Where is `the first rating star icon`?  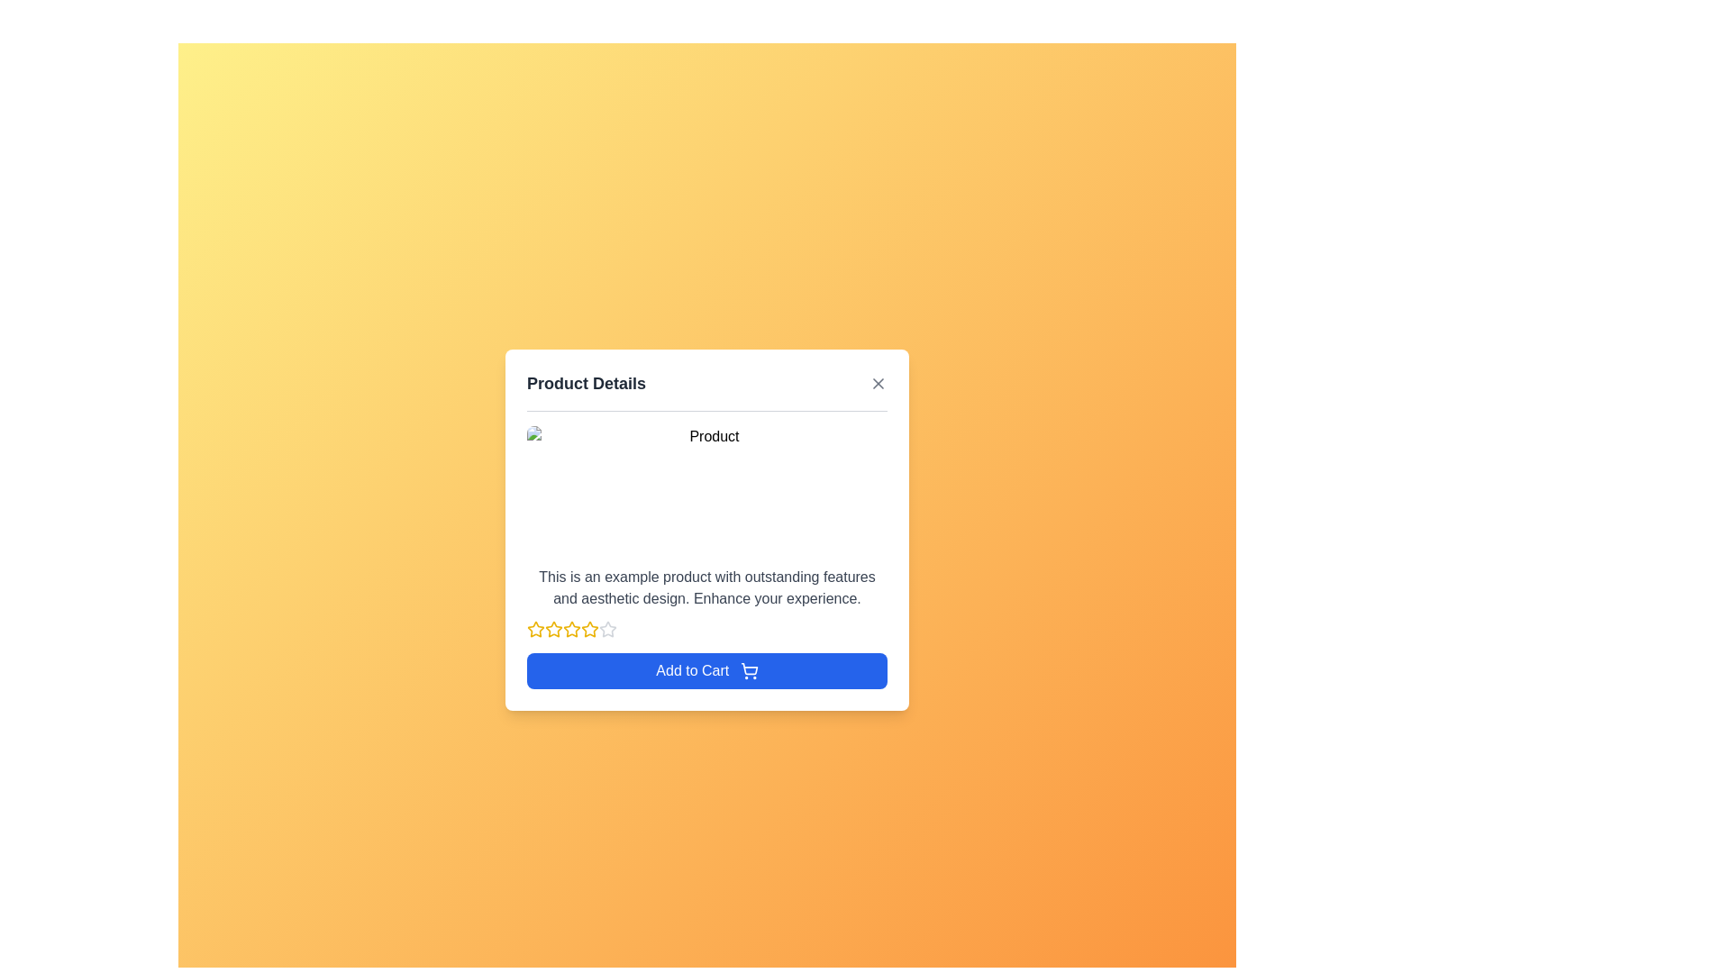
the first rating star icon is located at coordinates (535, 628).